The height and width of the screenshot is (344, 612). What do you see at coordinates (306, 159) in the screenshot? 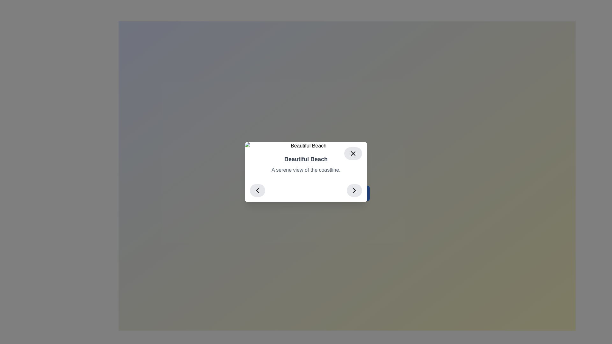
I see `the Text label that displays the title or heading indicating the name or theme of the content within the dialog box, located near the center of the dialog box, beneath the title bar` at bounding box center [306, 159].